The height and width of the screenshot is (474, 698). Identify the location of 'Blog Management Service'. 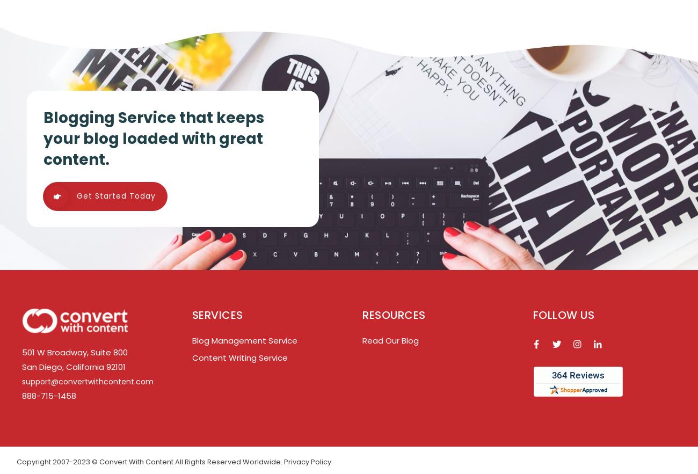
(243, 340).